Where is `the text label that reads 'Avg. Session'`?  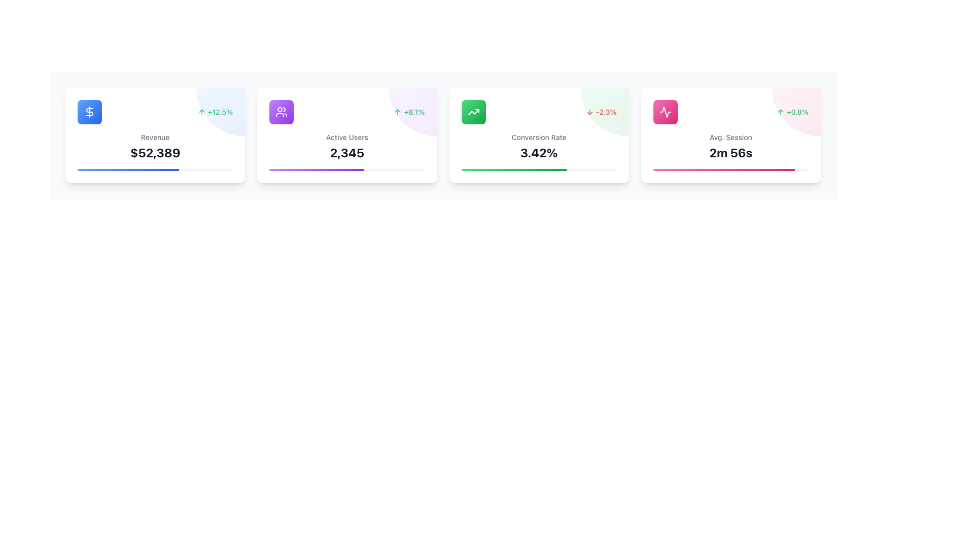
the text label that reads 'Avg. Session' is located at coordinates (730, 137).